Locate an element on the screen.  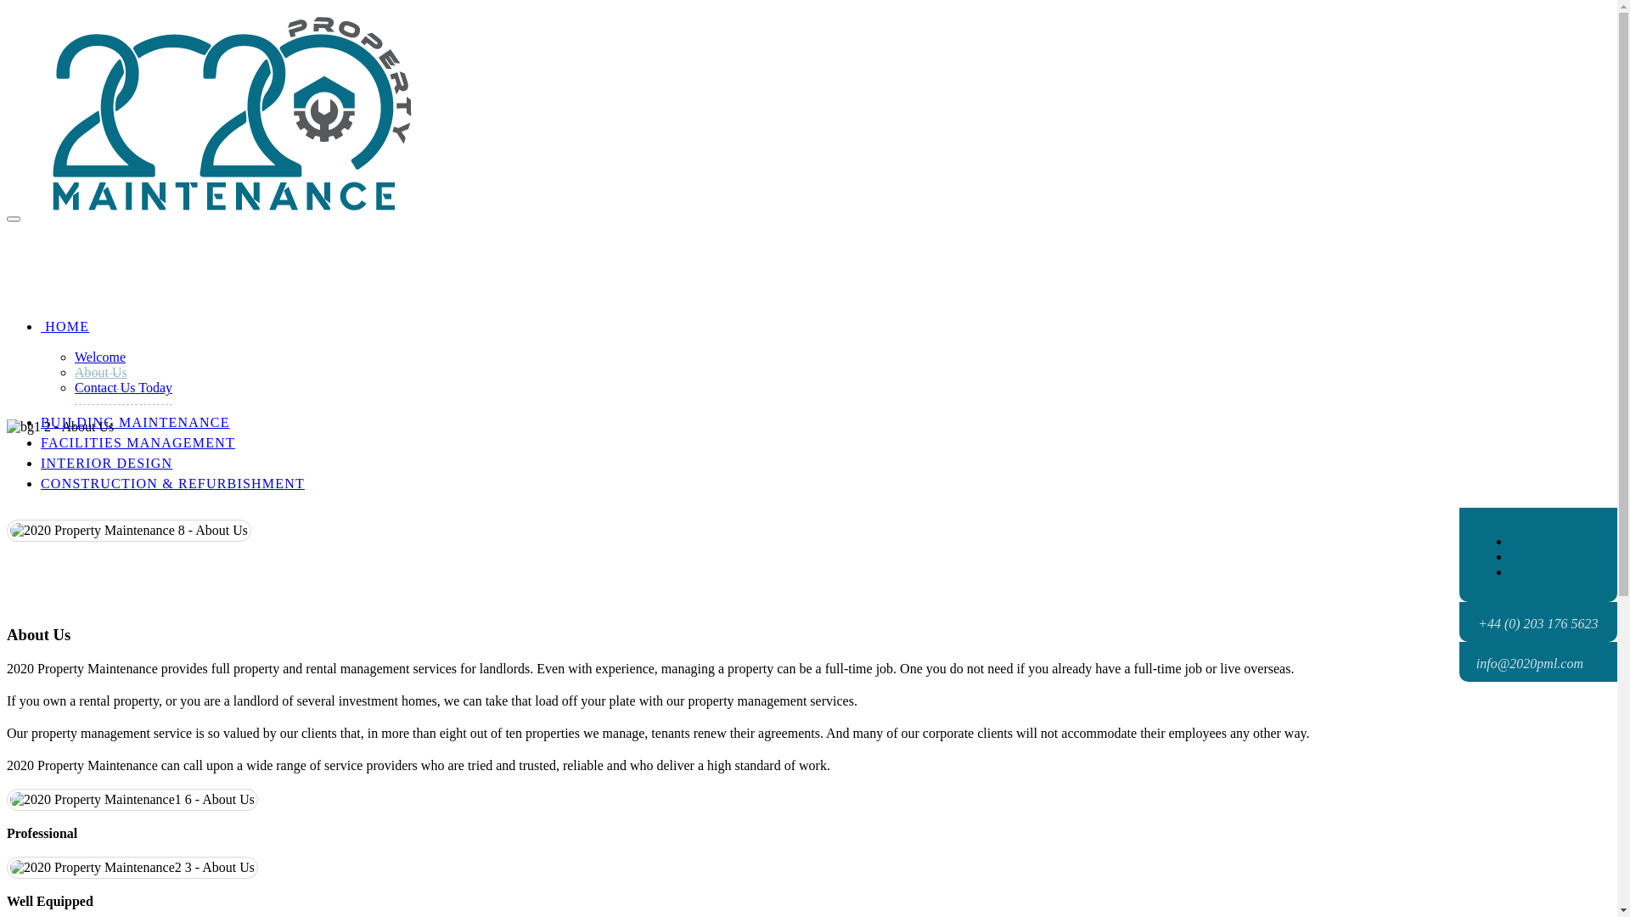
'FACILITIES MANAGEMENT' is located at coordinates (138, 442).